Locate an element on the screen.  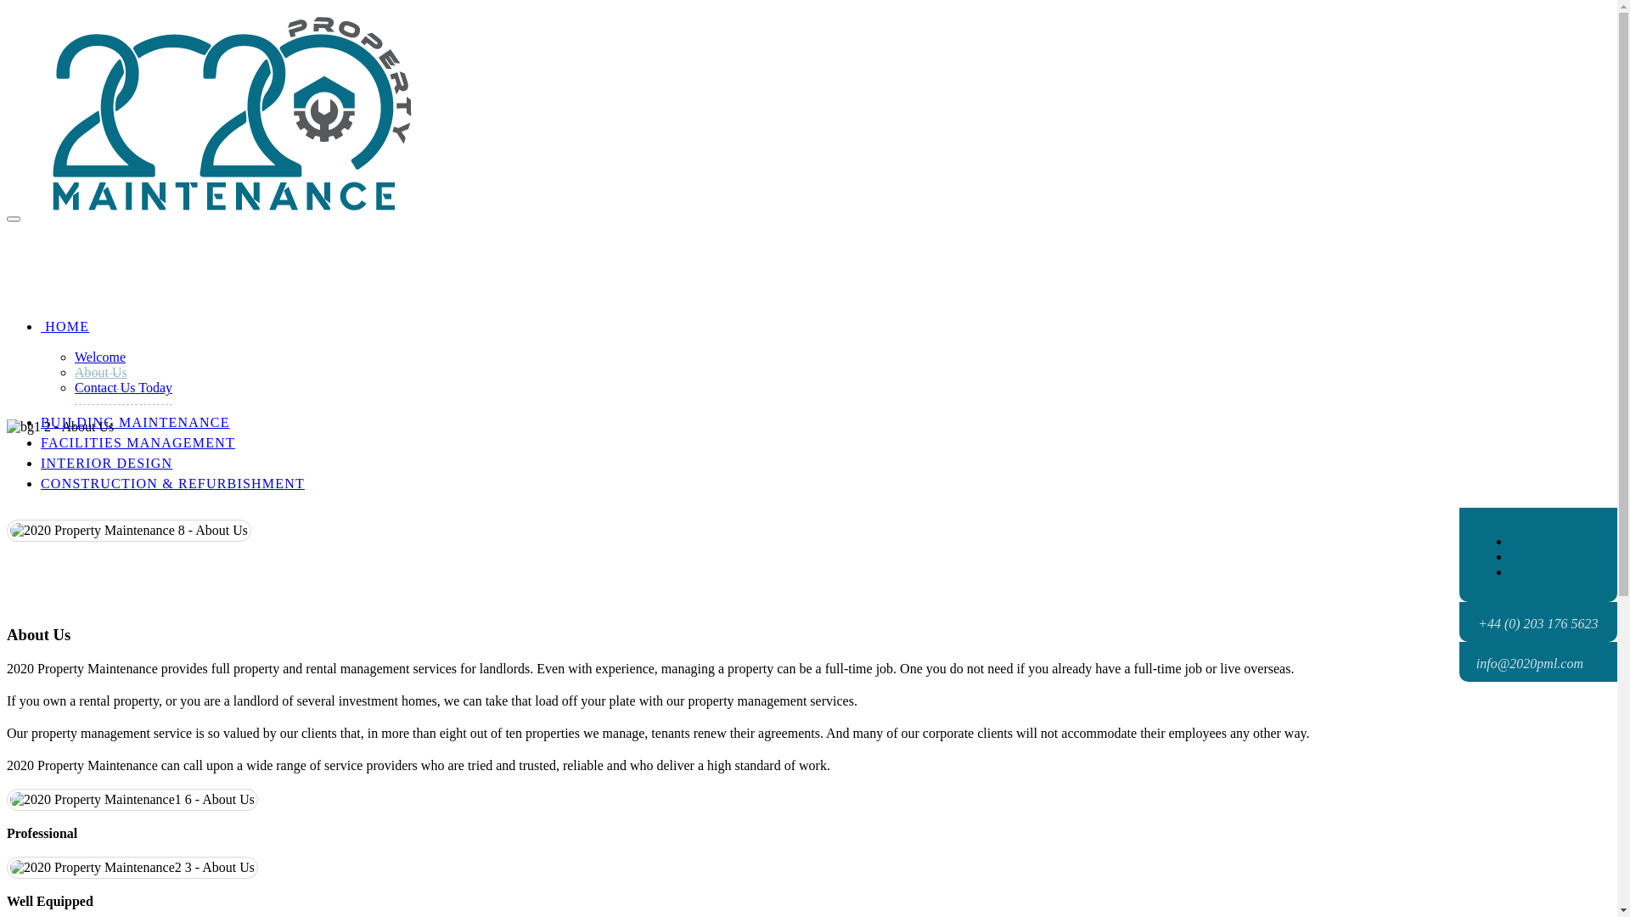
'FACILITIES MANAGEMENT' is located at coordinates (138, 442).